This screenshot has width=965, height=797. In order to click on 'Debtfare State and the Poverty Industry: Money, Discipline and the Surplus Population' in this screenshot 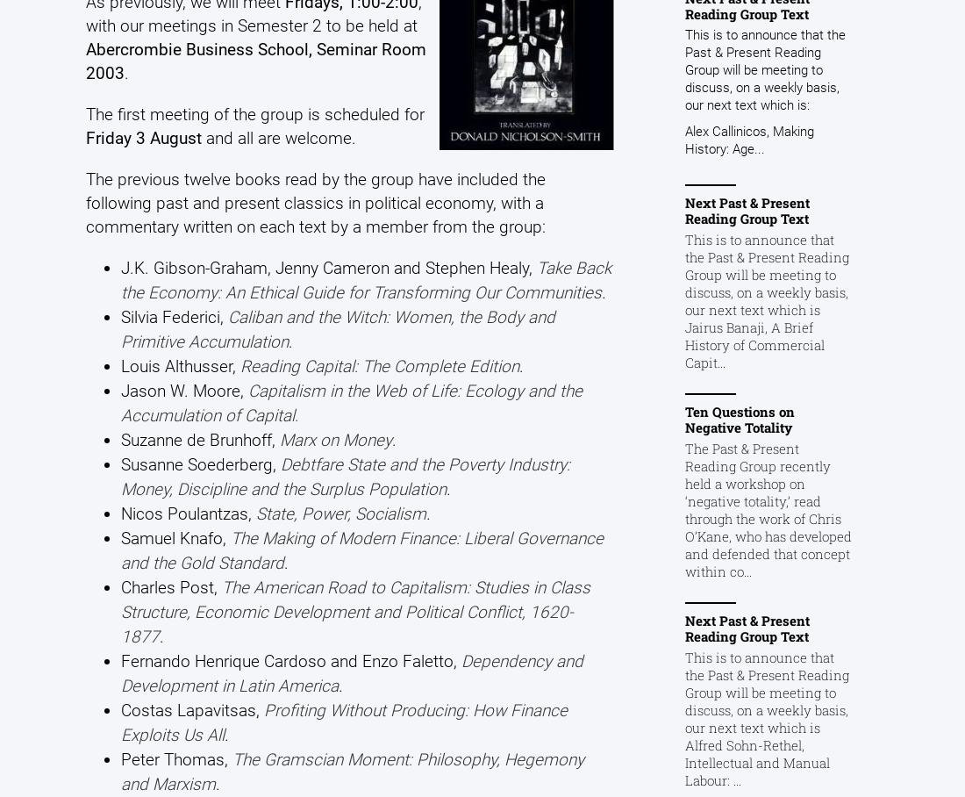, I will do `click(345, 475)`.